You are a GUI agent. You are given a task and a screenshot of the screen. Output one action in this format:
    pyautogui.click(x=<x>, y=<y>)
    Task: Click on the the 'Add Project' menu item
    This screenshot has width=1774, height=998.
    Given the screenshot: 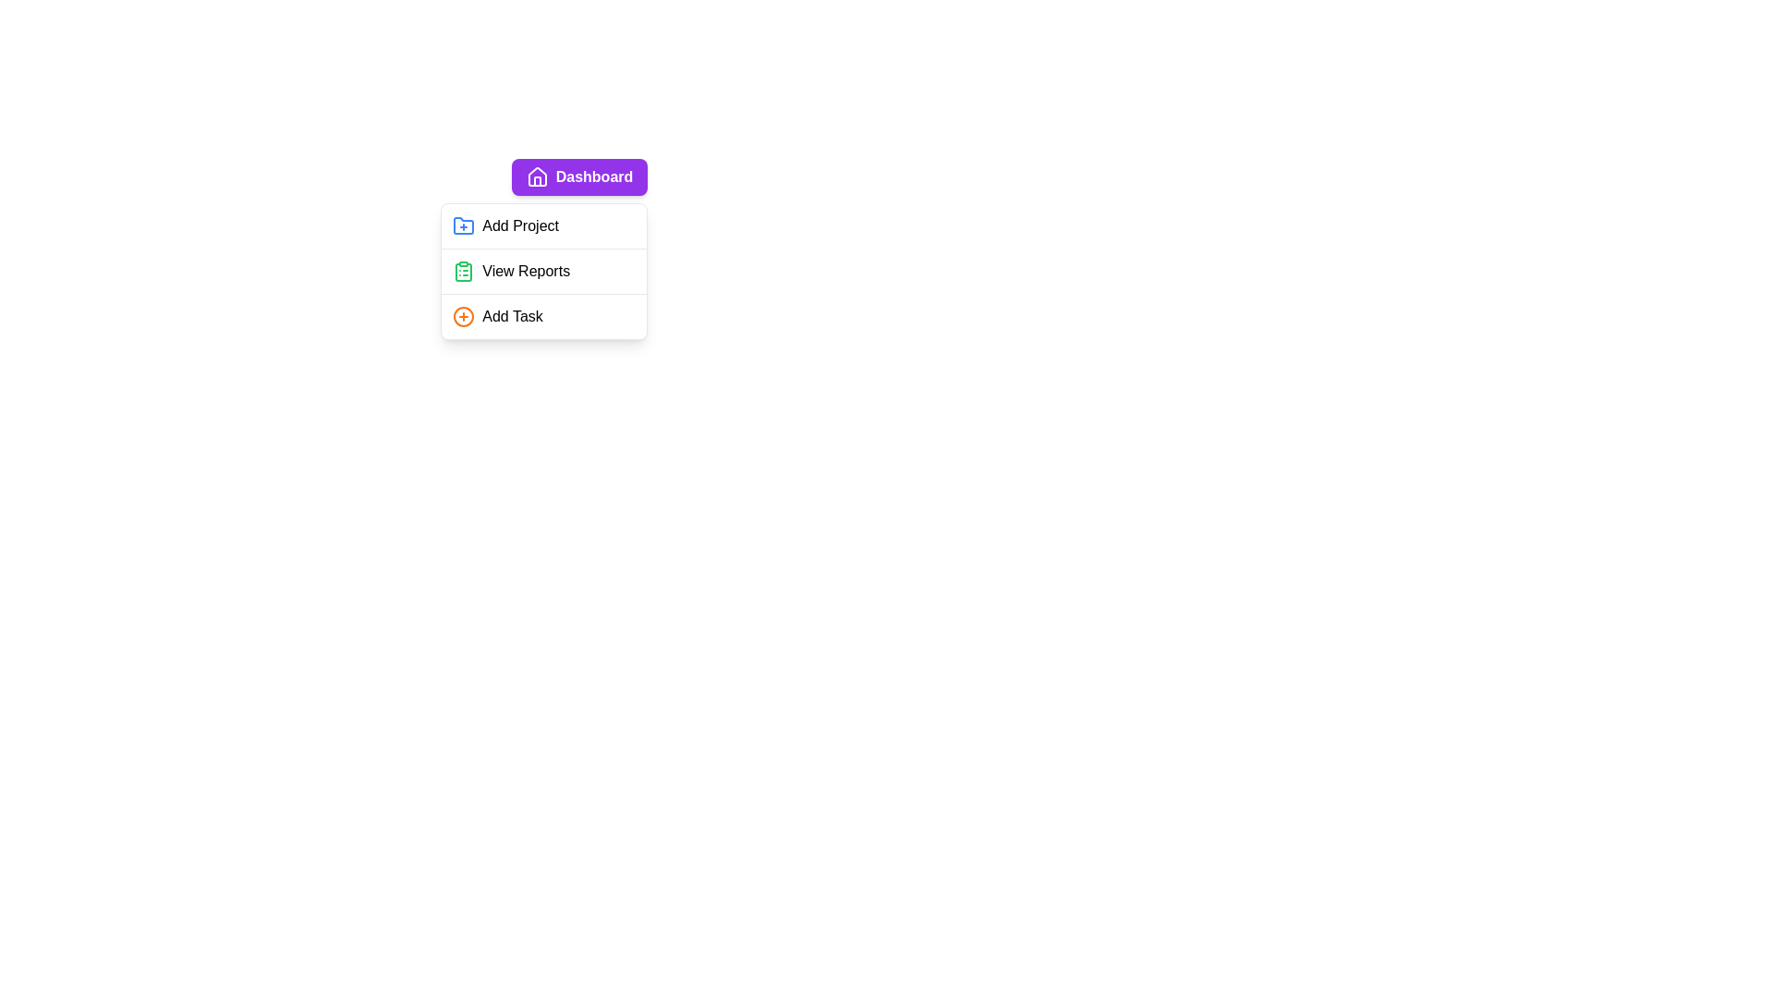 What is the action you would take?
    pyautogui.click(x=543, y=225)
    